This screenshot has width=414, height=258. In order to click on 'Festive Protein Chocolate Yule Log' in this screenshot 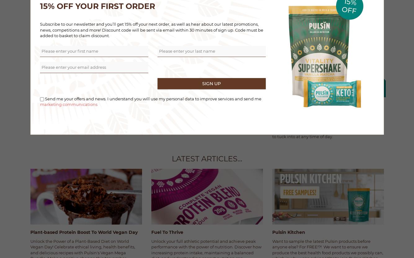, I will do `click(190, 116)`.